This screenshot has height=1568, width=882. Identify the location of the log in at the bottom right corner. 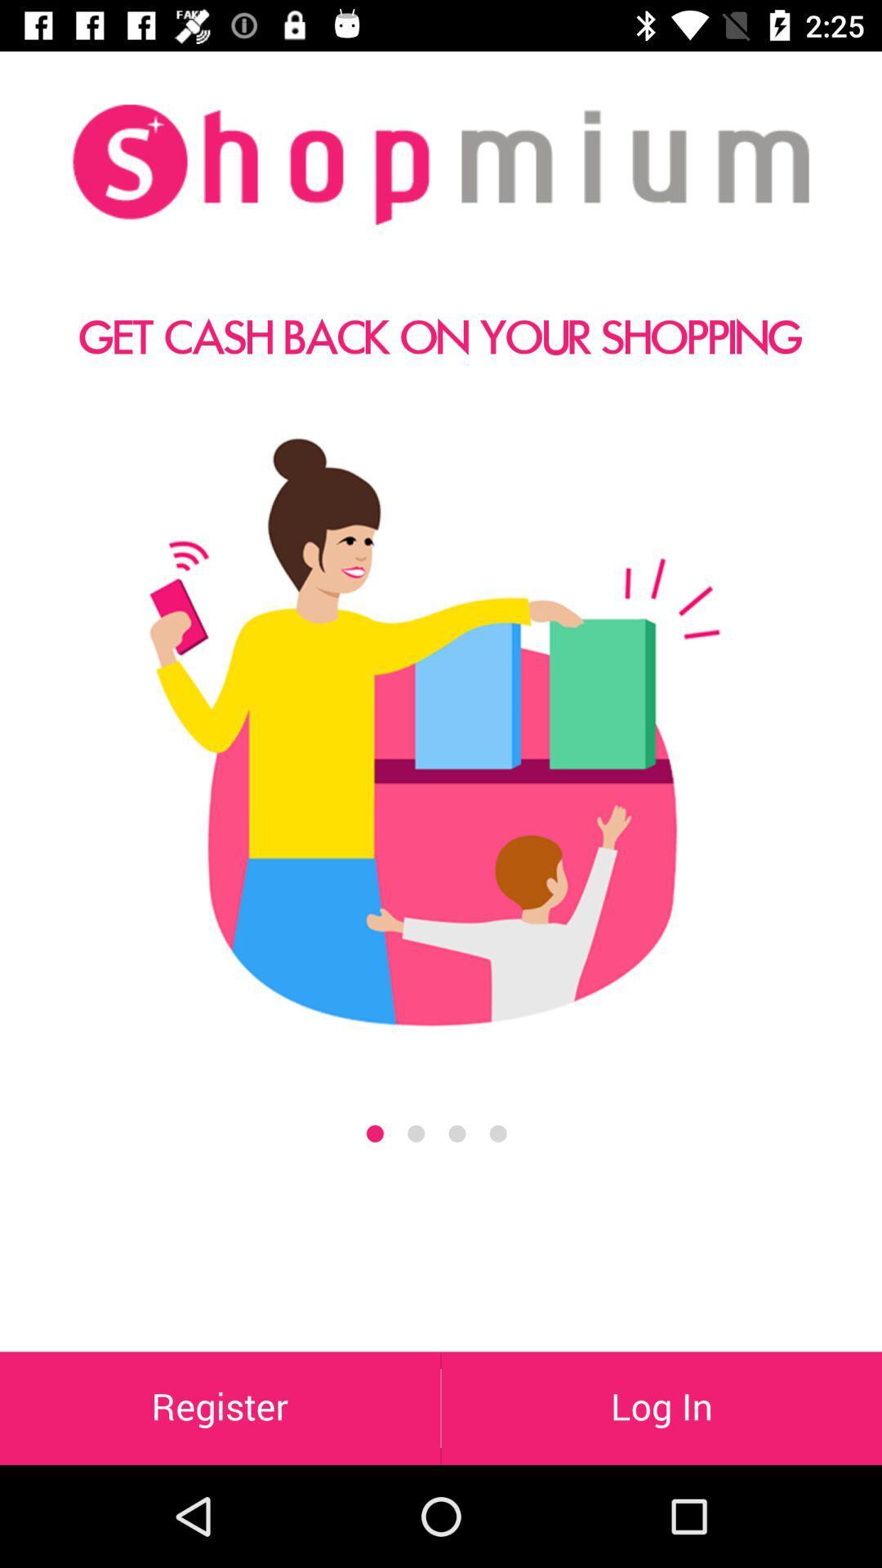
(661, 1407).